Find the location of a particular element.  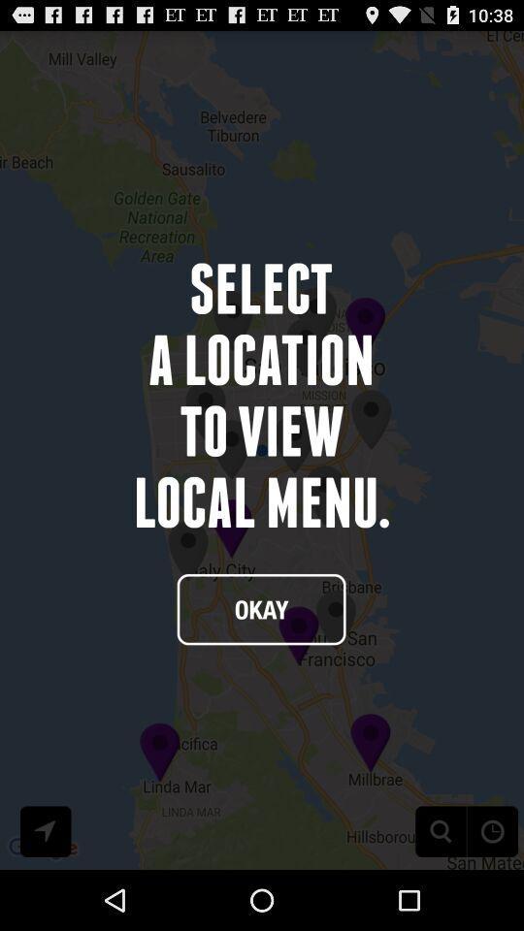

the time icon is located at coordinates (492, 889).